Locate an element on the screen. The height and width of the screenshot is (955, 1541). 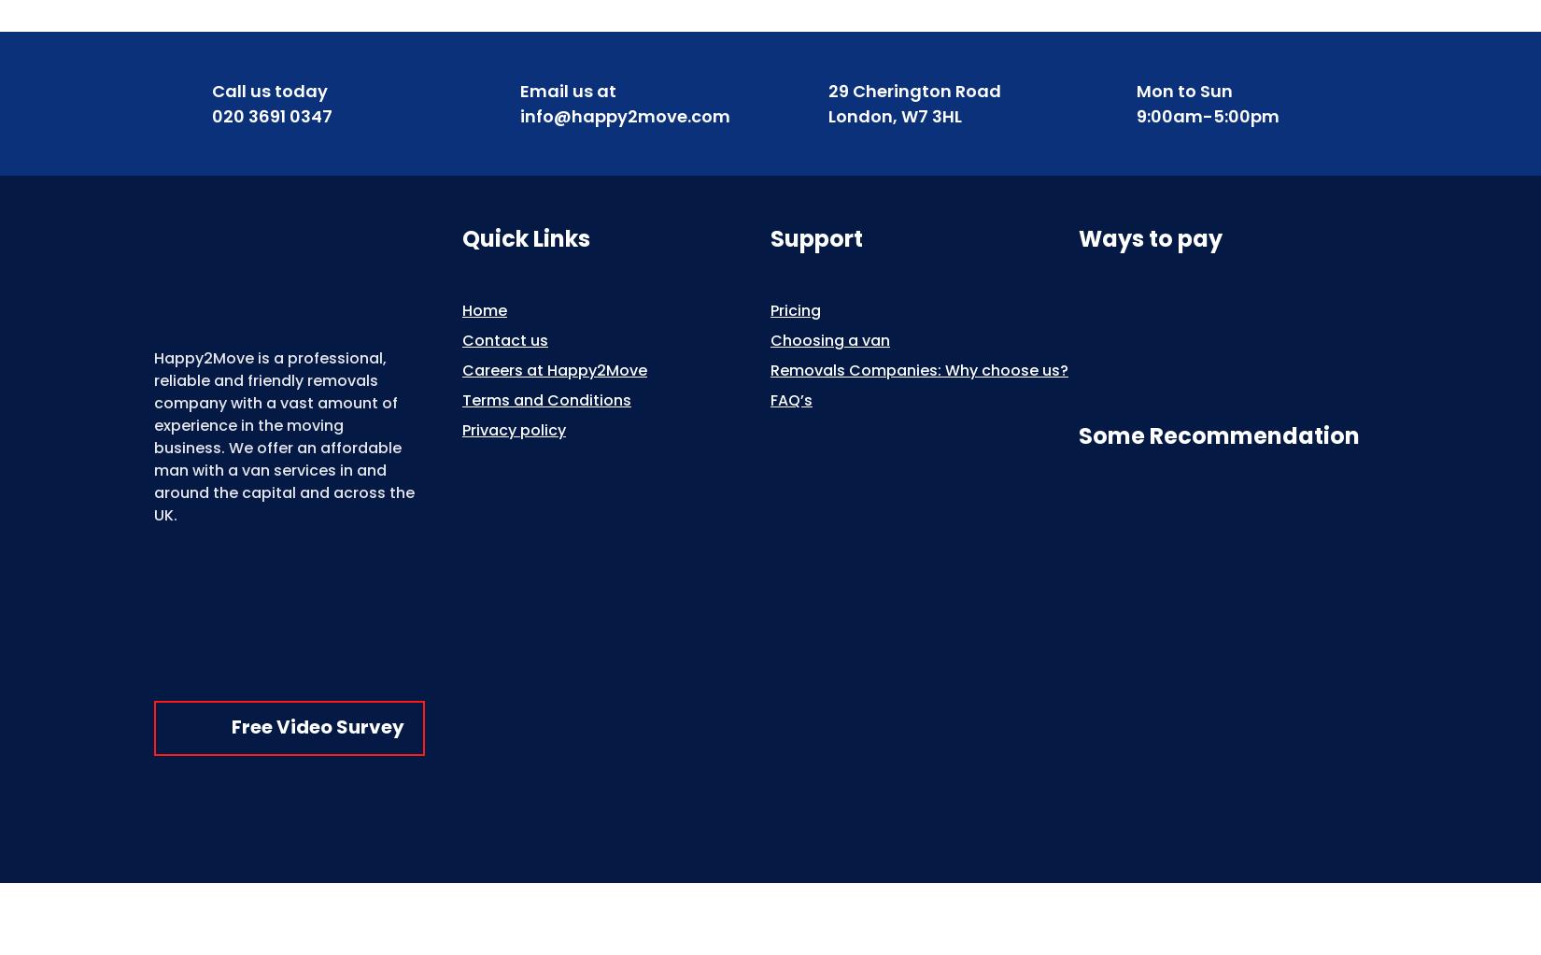
'Copyright © 2013-2023 Happy2Move . All rights reserved.' is located at coordinates (336, 921).